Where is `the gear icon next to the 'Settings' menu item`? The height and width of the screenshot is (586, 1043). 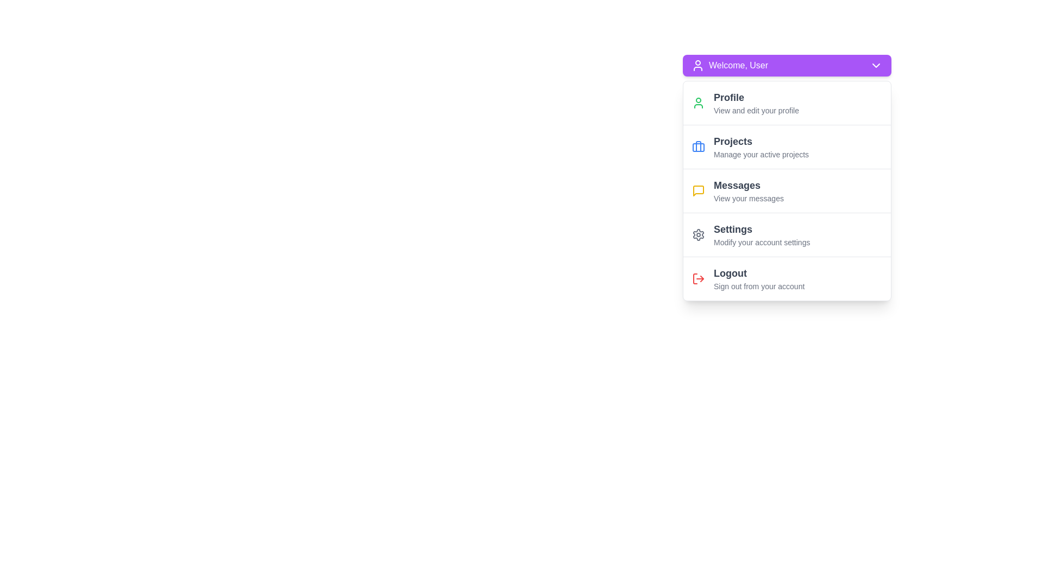 the gear icon next to the 'Settings' menu item is located at coordinates (699, 234).